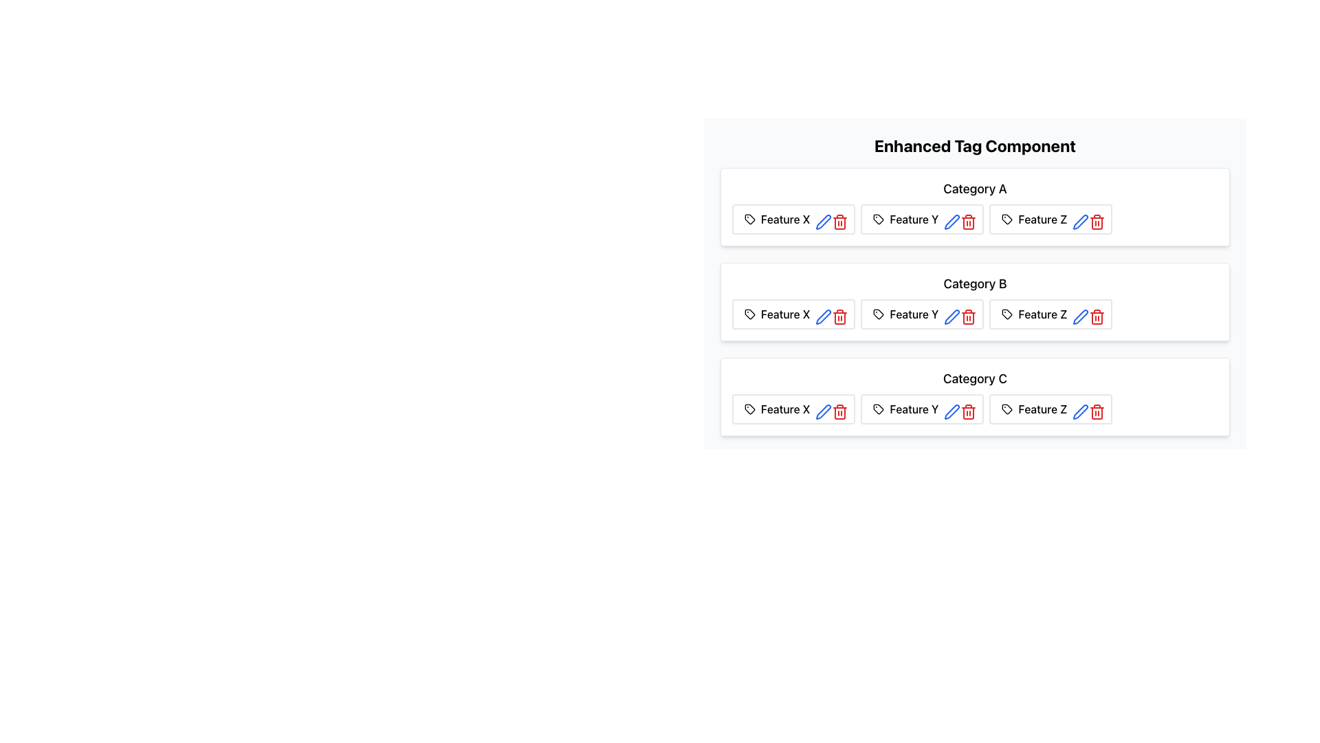  I want to click on the tag icon that visually represents or identifies tags or labels associated with 'Feature Y' in 'Category B', so click(878, 408).